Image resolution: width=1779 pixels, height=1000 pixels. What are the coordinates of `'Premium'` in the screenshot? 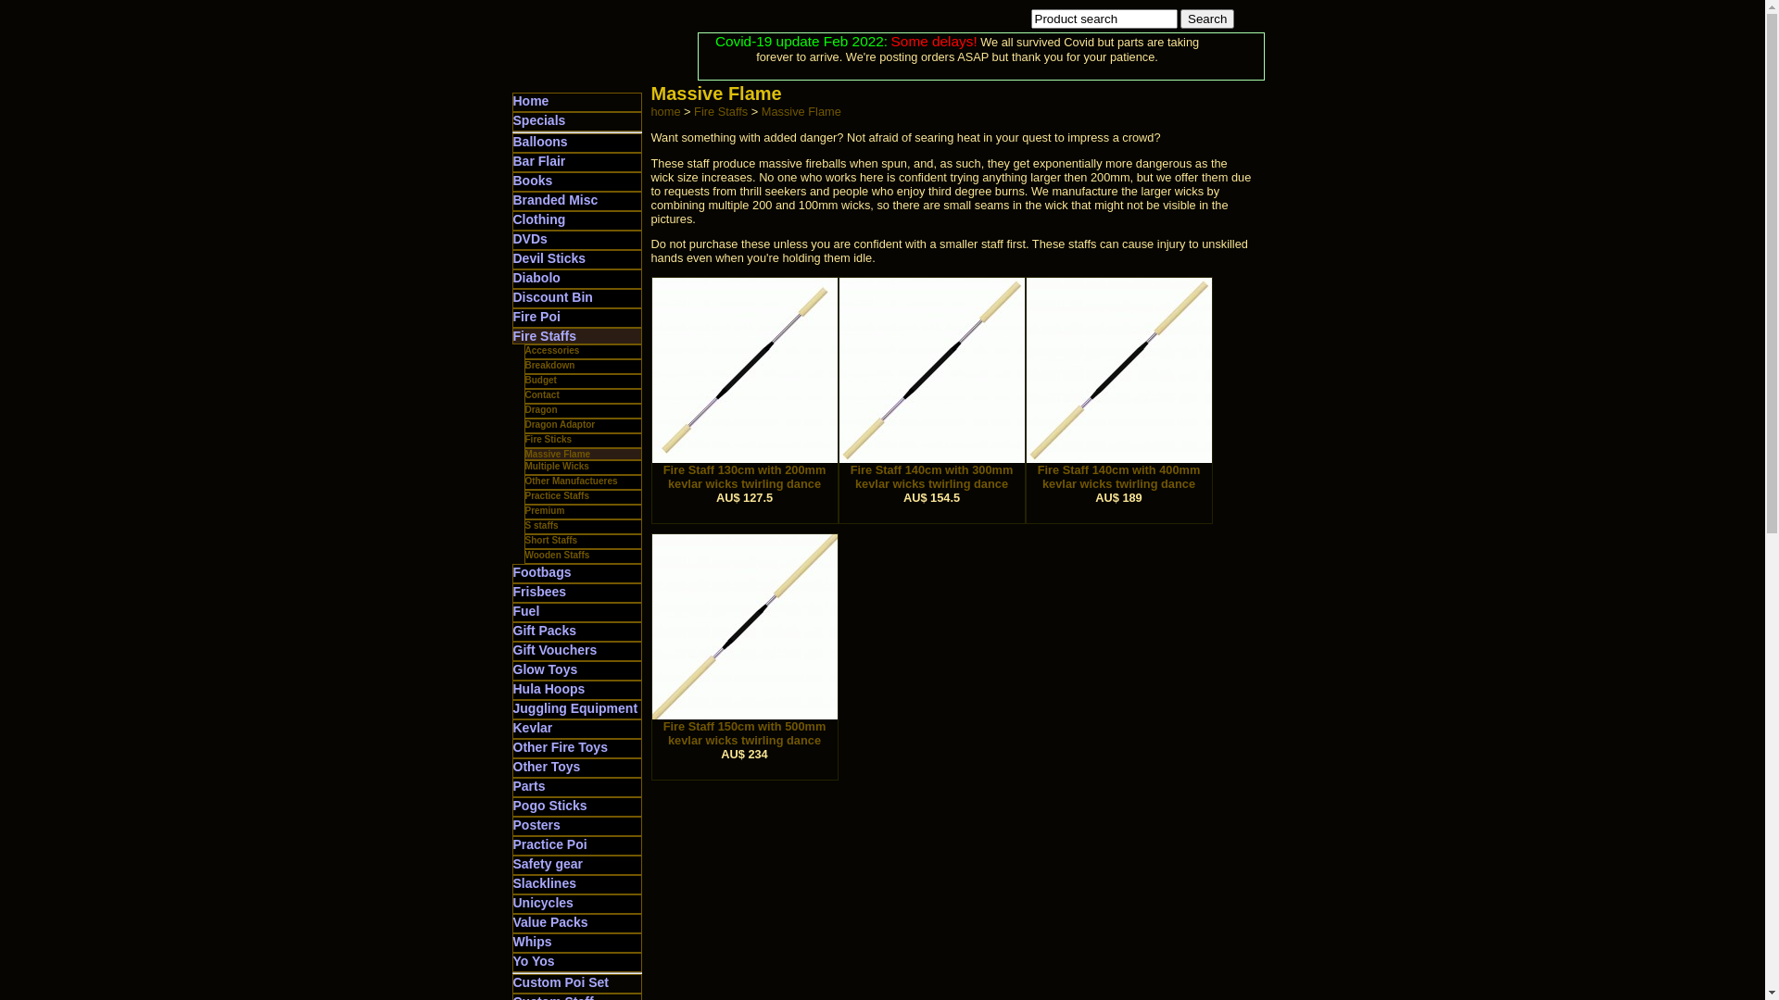 It's located at (543, 510).